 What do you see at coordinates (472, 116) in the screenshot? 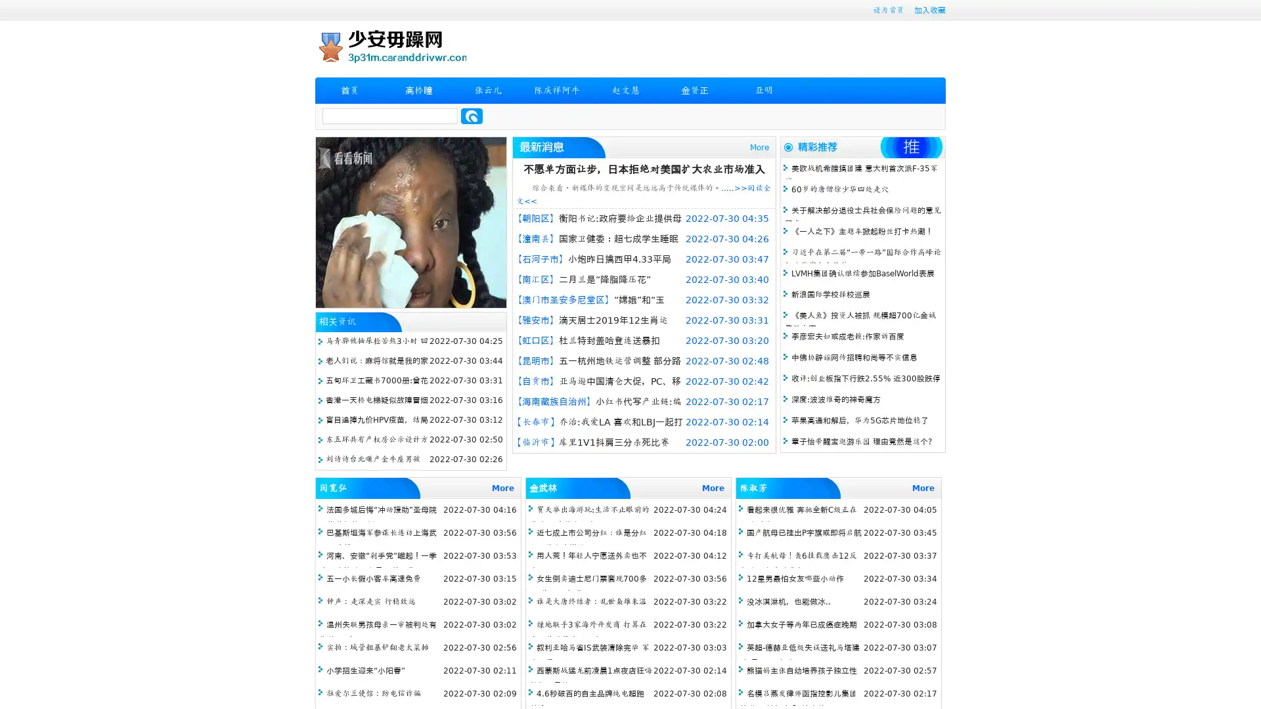
I see `Search` at bounding box center [472, 116].